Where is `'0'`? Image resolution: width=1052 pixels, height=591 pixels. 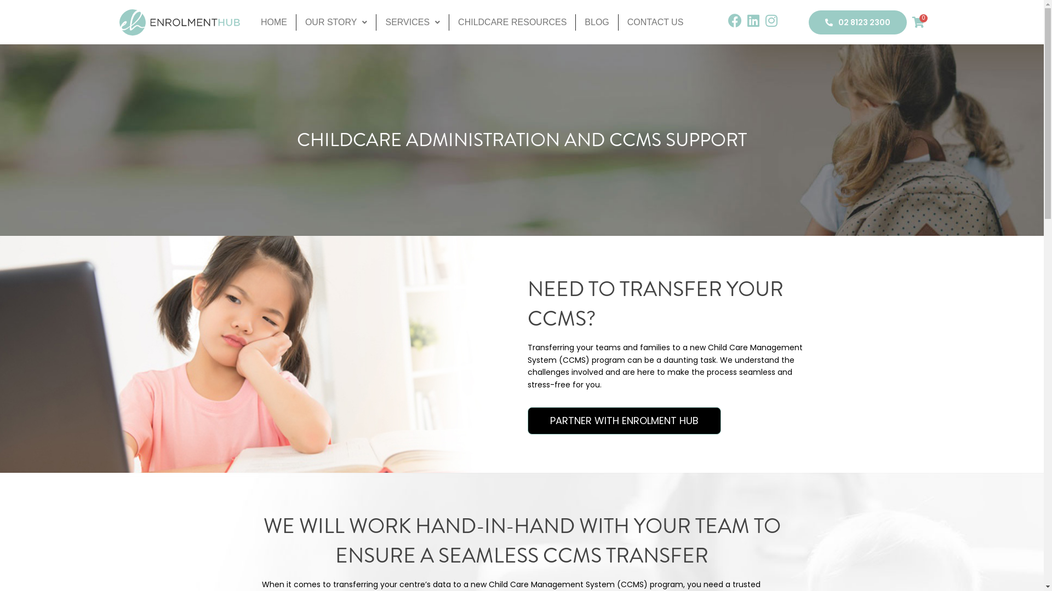
'0' is located at coordinates (918, 22).